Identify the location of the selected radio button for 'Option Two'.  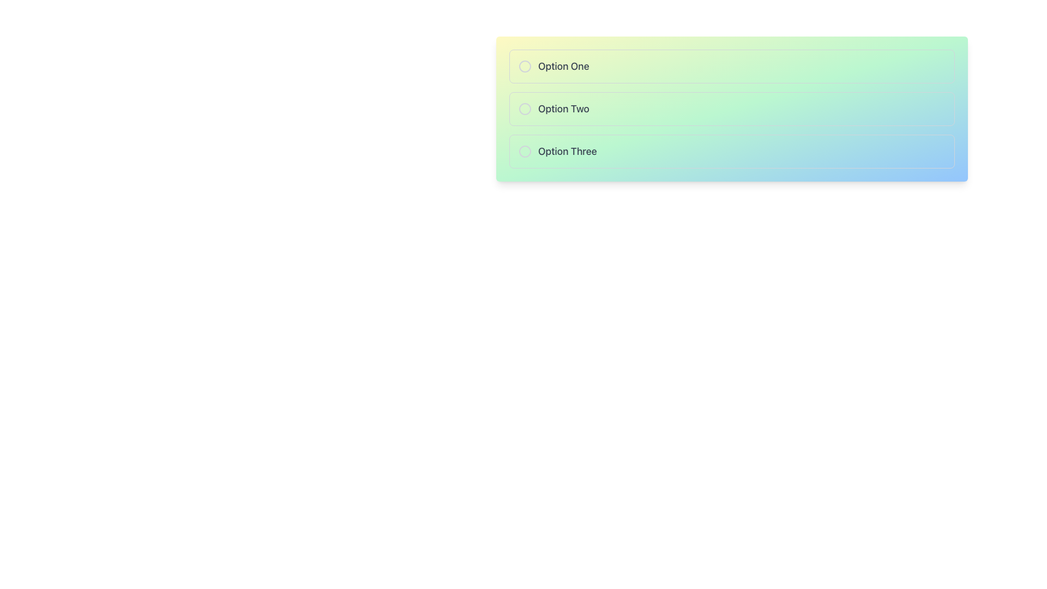
(525, 109).